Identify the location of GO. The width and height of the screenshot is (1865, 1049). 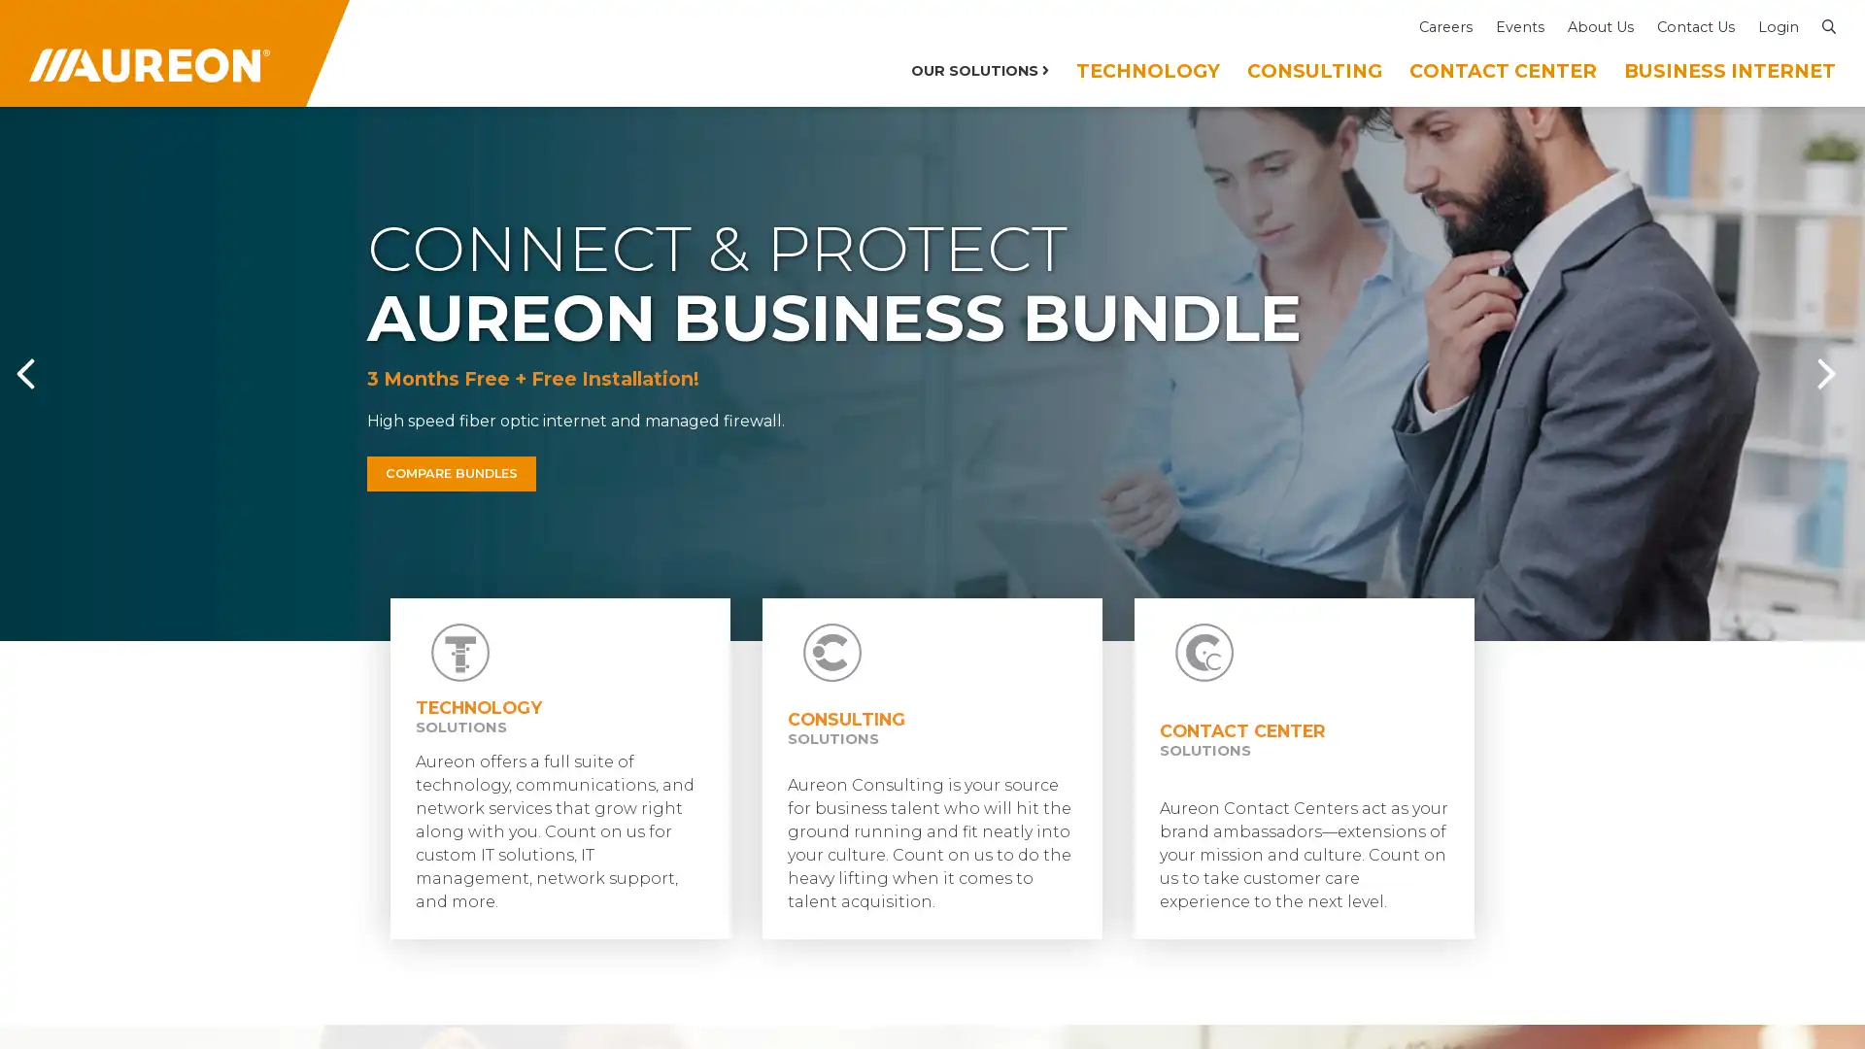
(1117, 492).